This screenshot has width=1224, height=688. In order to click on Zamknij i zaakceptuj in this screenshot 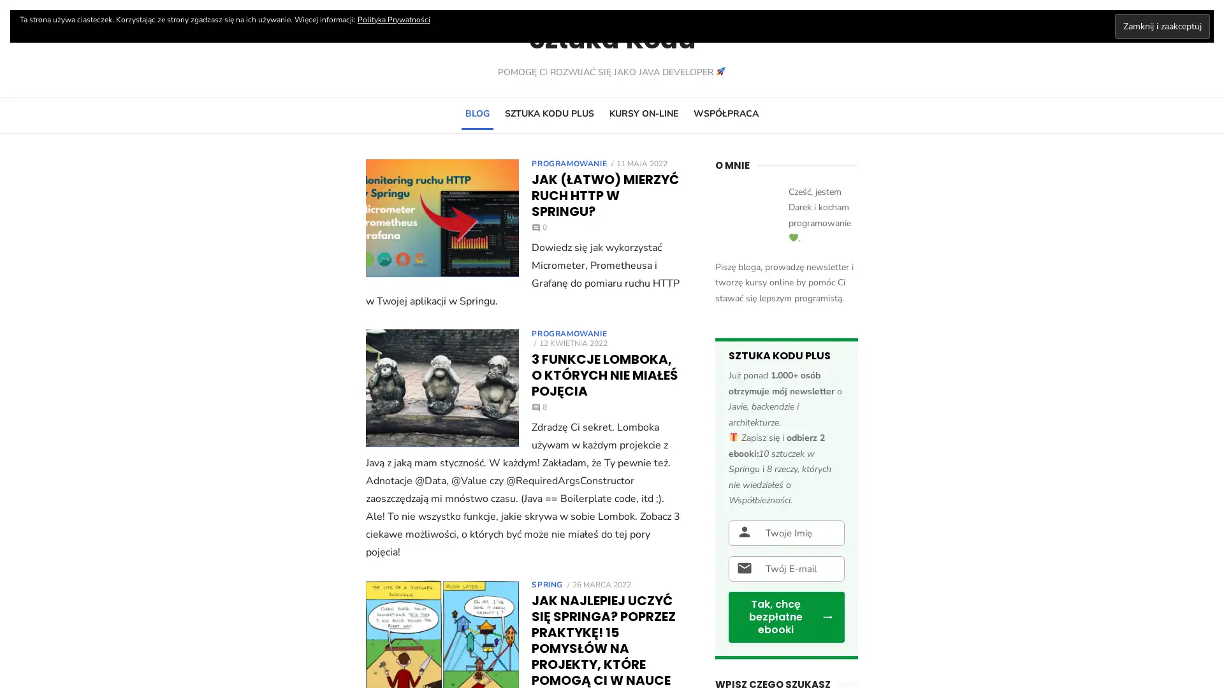, I will do `click(1162, 26)`.